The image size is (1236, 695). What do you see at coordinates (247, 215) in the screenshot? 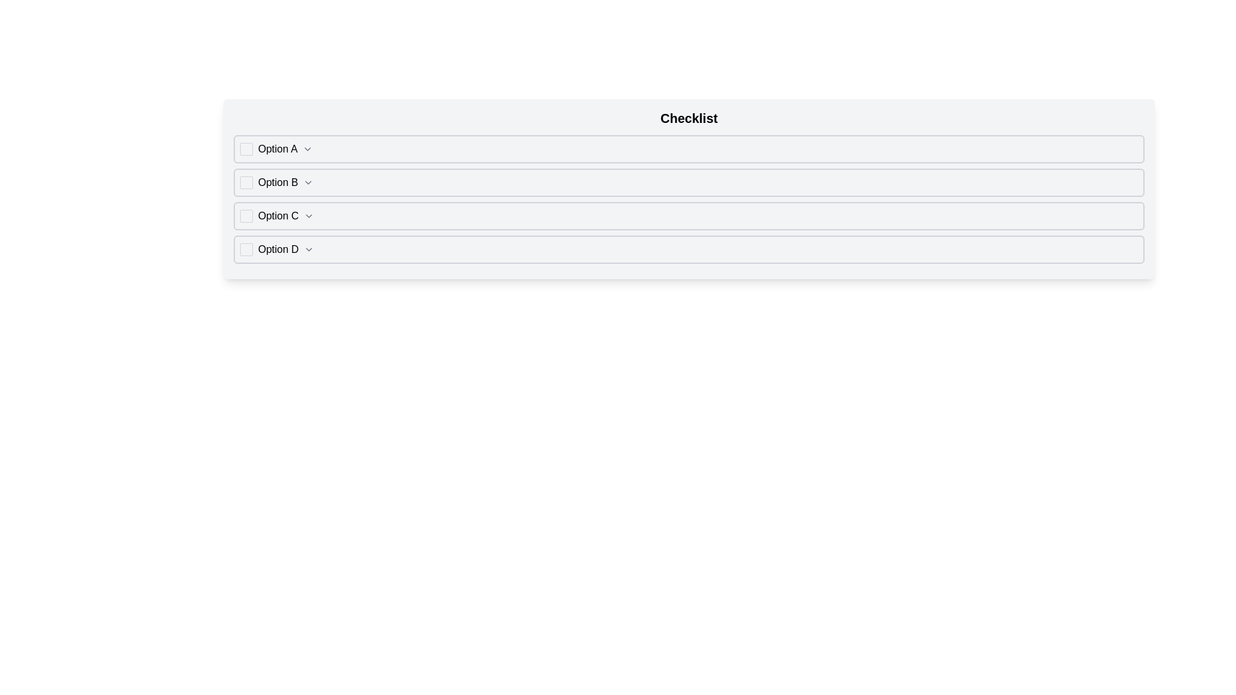
I see `the checkbox for 'Option C'` at bounding box center [247, 215].